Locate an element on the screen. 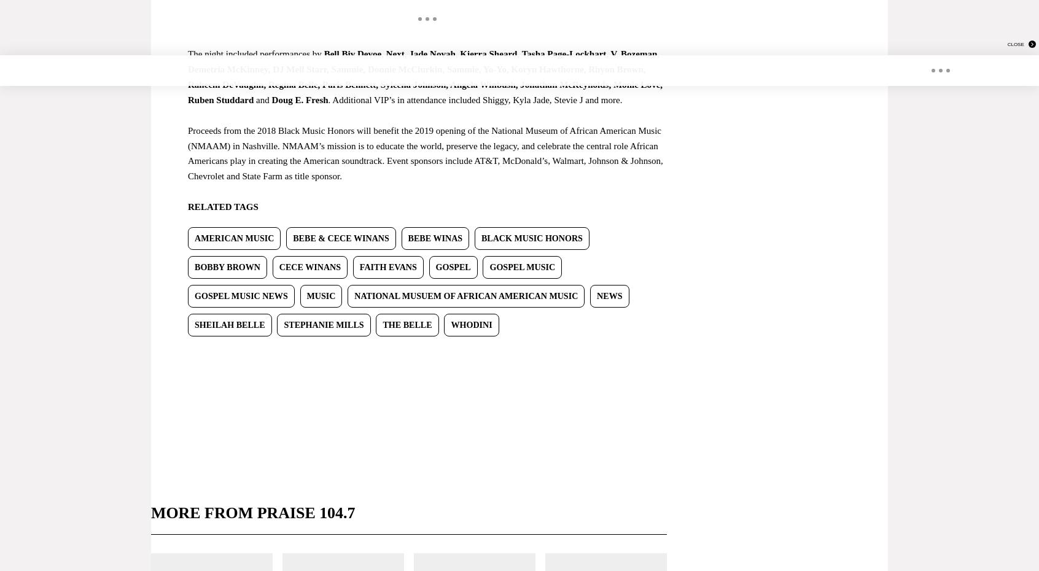 The width and height of the screenshot is (1039, 571). 'Bell Biv Devoe, Next, Jade Novah, Kierra Sheard, Tasha Page-Lockhart, V. Bozeman, Demetria McKinney, DJ Mell Starr, Sammie, Donnie McClurkin, Sammie, Yo-Yo, Koryn Hawthorne, Rhyon Brown, Raheem DeVaughn, Regina Belle, Paris Bennett, Syleena Johnson, Angela Winbush, Jonathan McReynolds, Monie Love, Ruben Studdard' is located at coordinates (425, 76).